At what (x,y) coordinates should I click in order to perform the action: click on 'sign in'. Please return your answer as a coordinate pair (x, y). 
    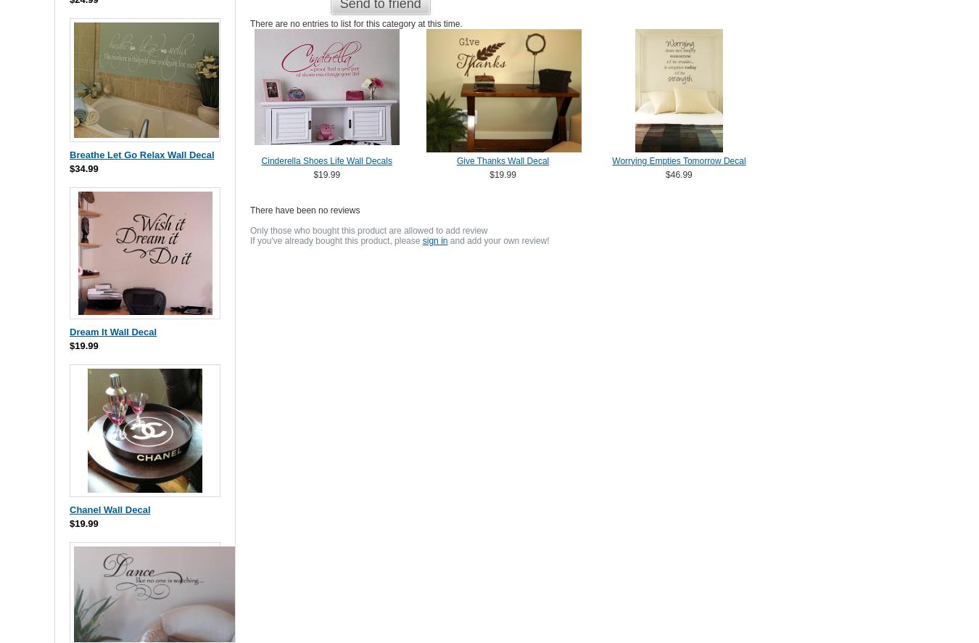
    Looking at the image, I should click on (434, 239).